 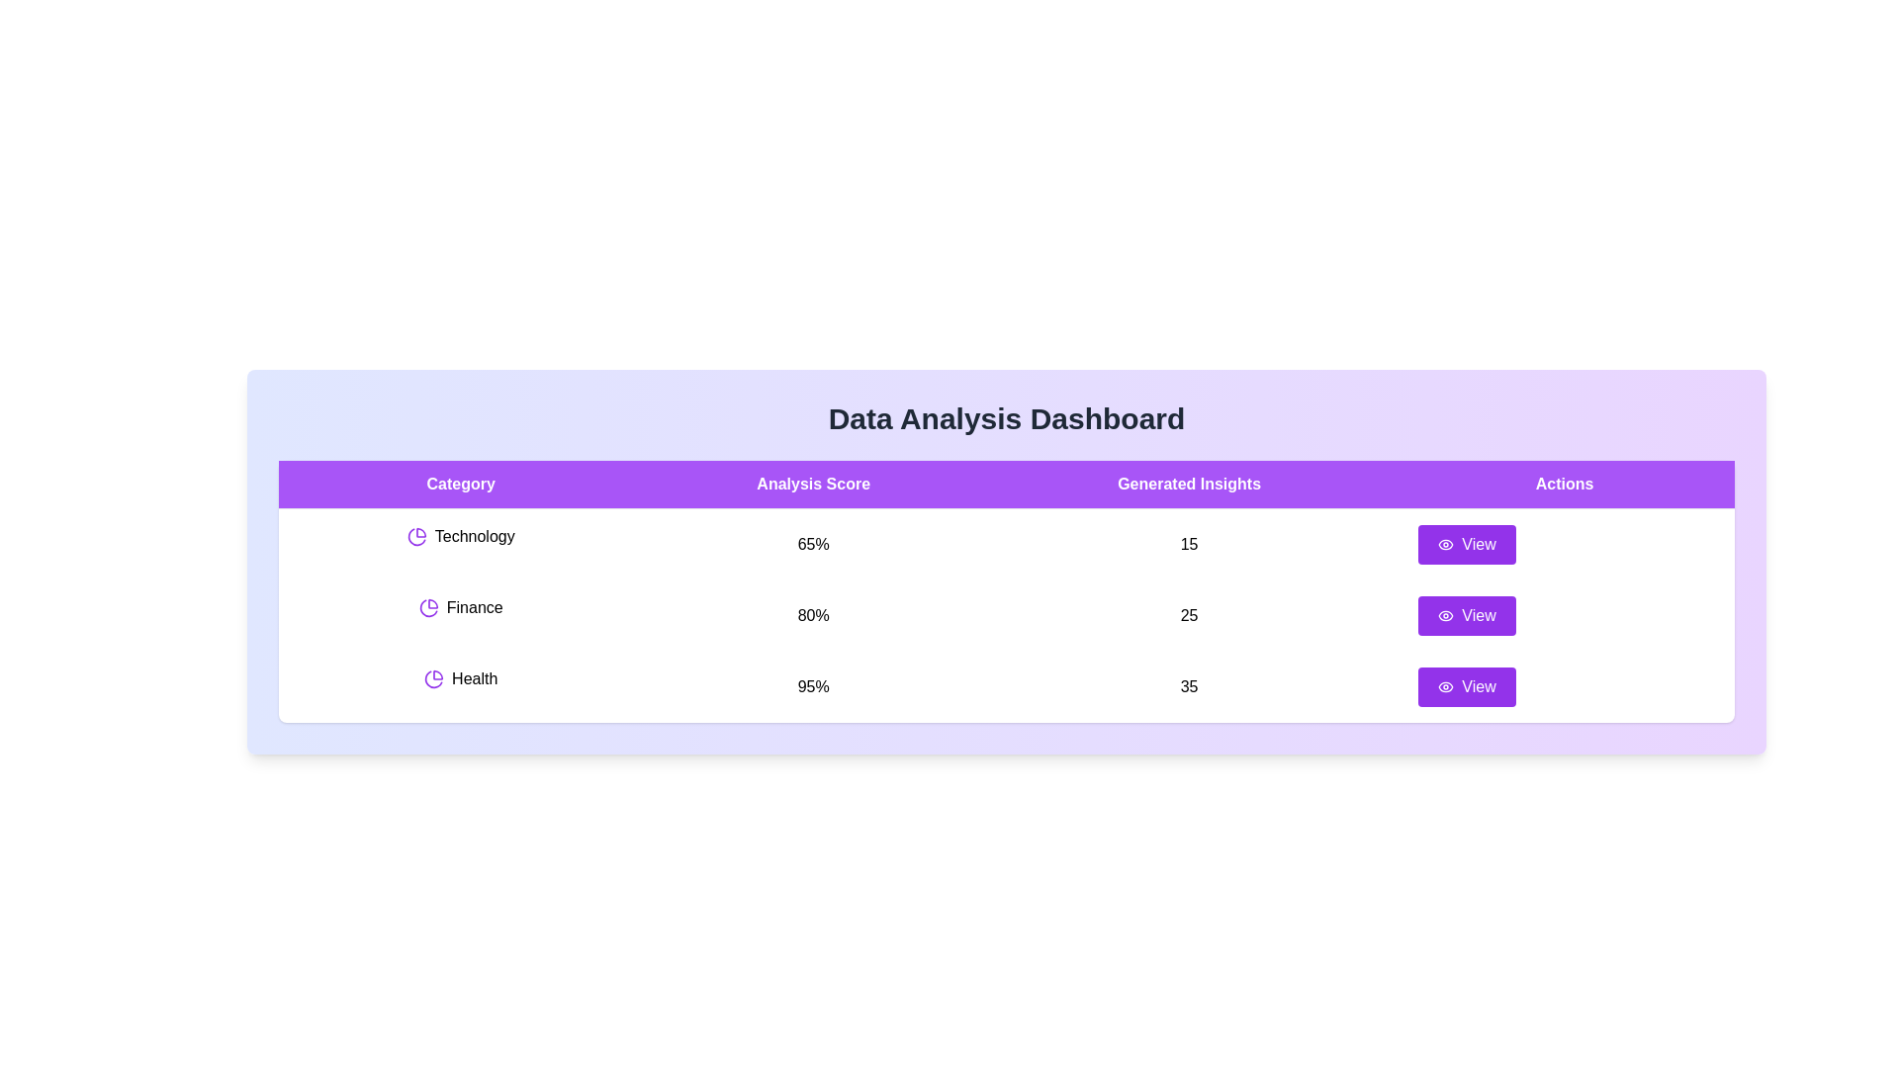 I want to click on the pie chart icon next to the 'Technology' category to display its tooltip, so click(x=415, y=537).